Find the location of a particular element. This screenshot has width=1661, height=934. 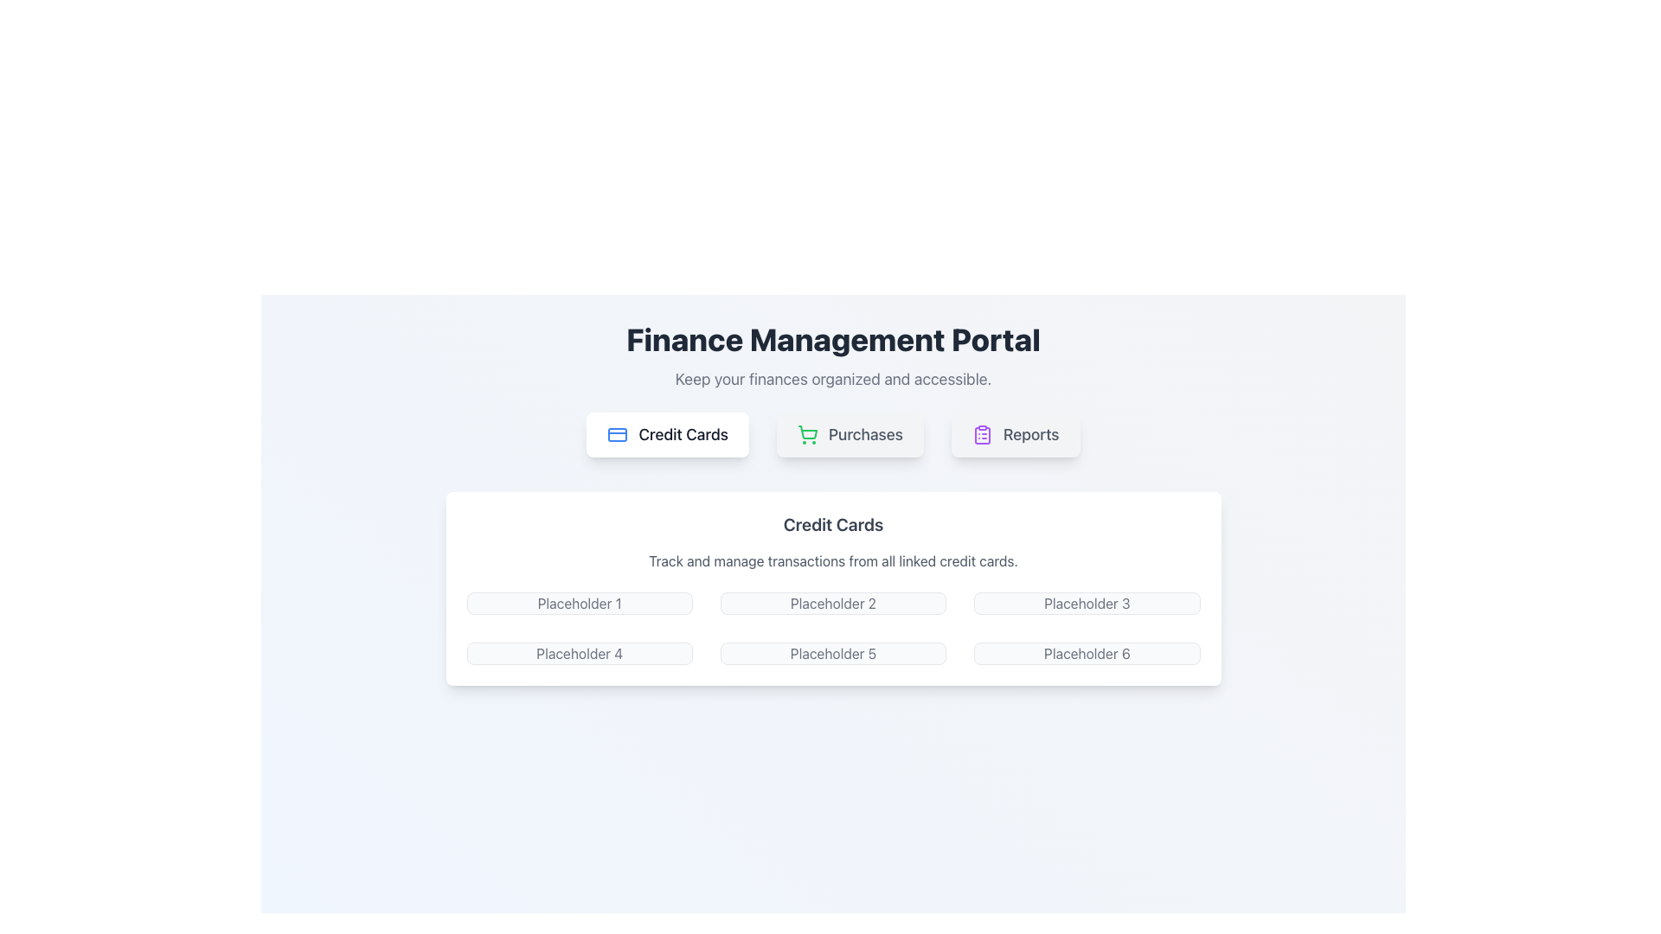

the 'Reports' button, which is styled with a light gray background and a clipboard icon is located at coordinates (1016, 433).